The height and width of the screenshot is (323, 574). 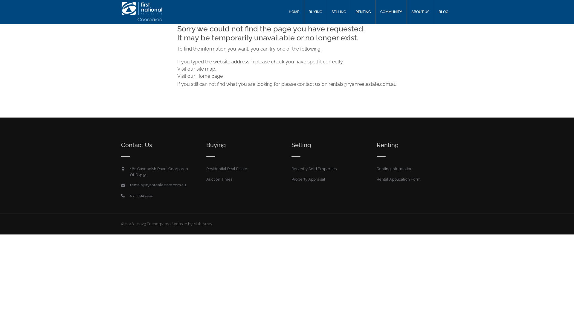 I want to click on 'Rental Application Form', so click(x=399, y=179).